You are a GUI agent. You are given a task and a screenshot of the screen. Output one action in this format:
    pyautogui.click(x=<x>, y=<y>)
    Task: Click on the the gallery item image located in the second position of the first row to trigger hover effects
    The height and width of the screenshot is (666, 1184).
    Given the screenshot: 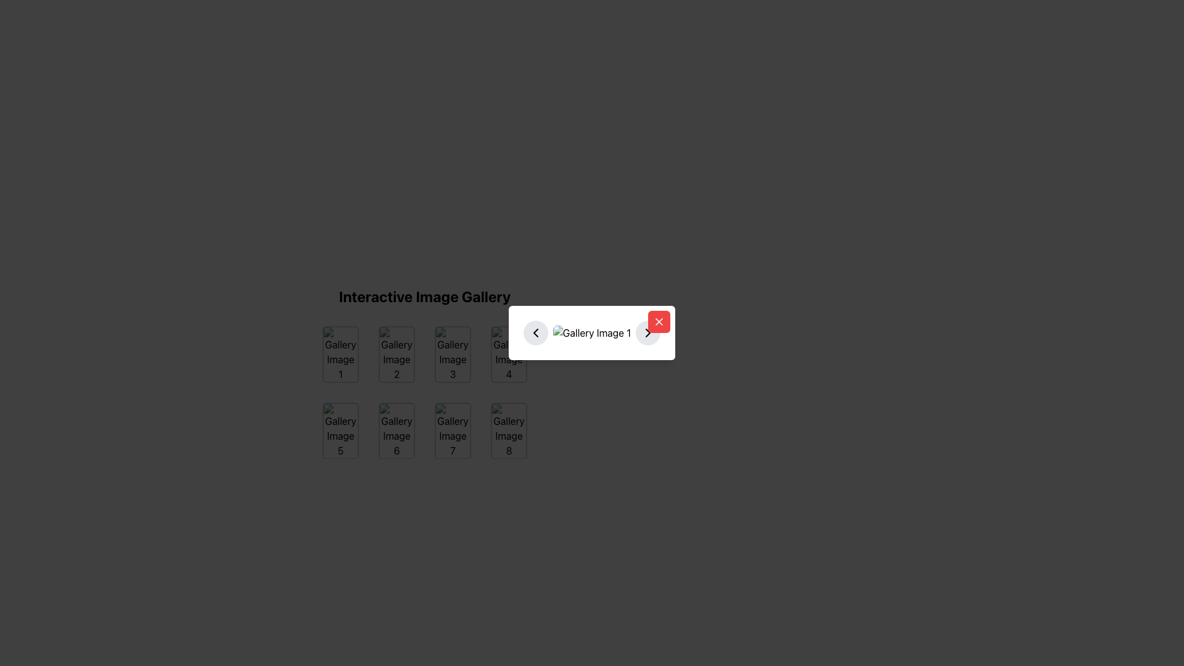 What is the action you would take?
    pyautogui.click(x=397, y=354)
    